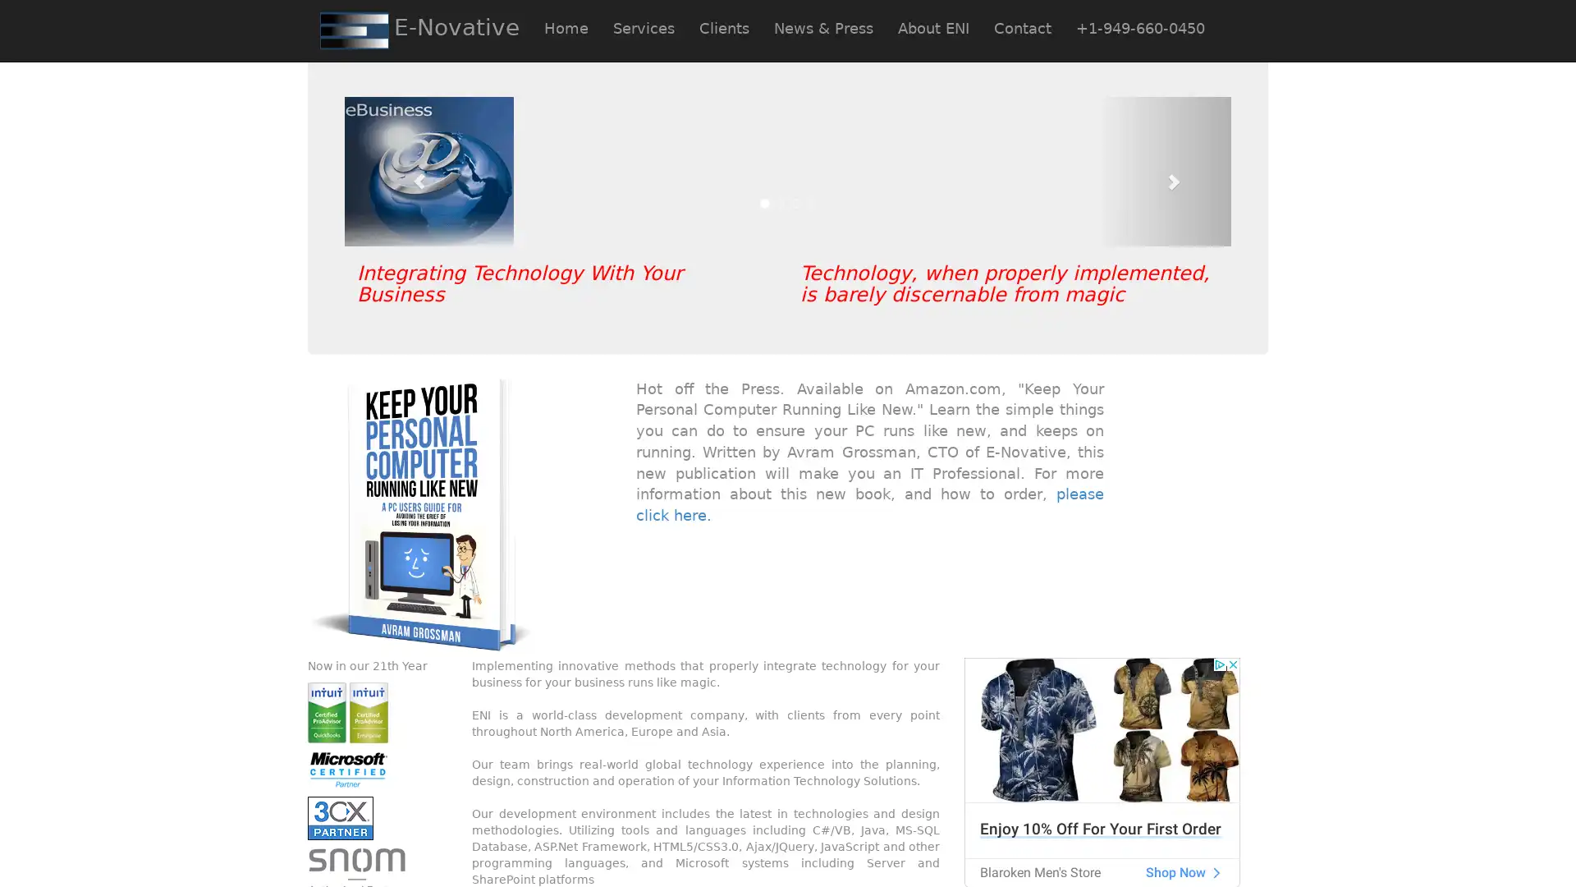 The width and height of the screenshot is (1576, 887). What do you see at coordinates (1164, 171) in the screenshot?
I see `Next` at bounding box center [1164, 171].